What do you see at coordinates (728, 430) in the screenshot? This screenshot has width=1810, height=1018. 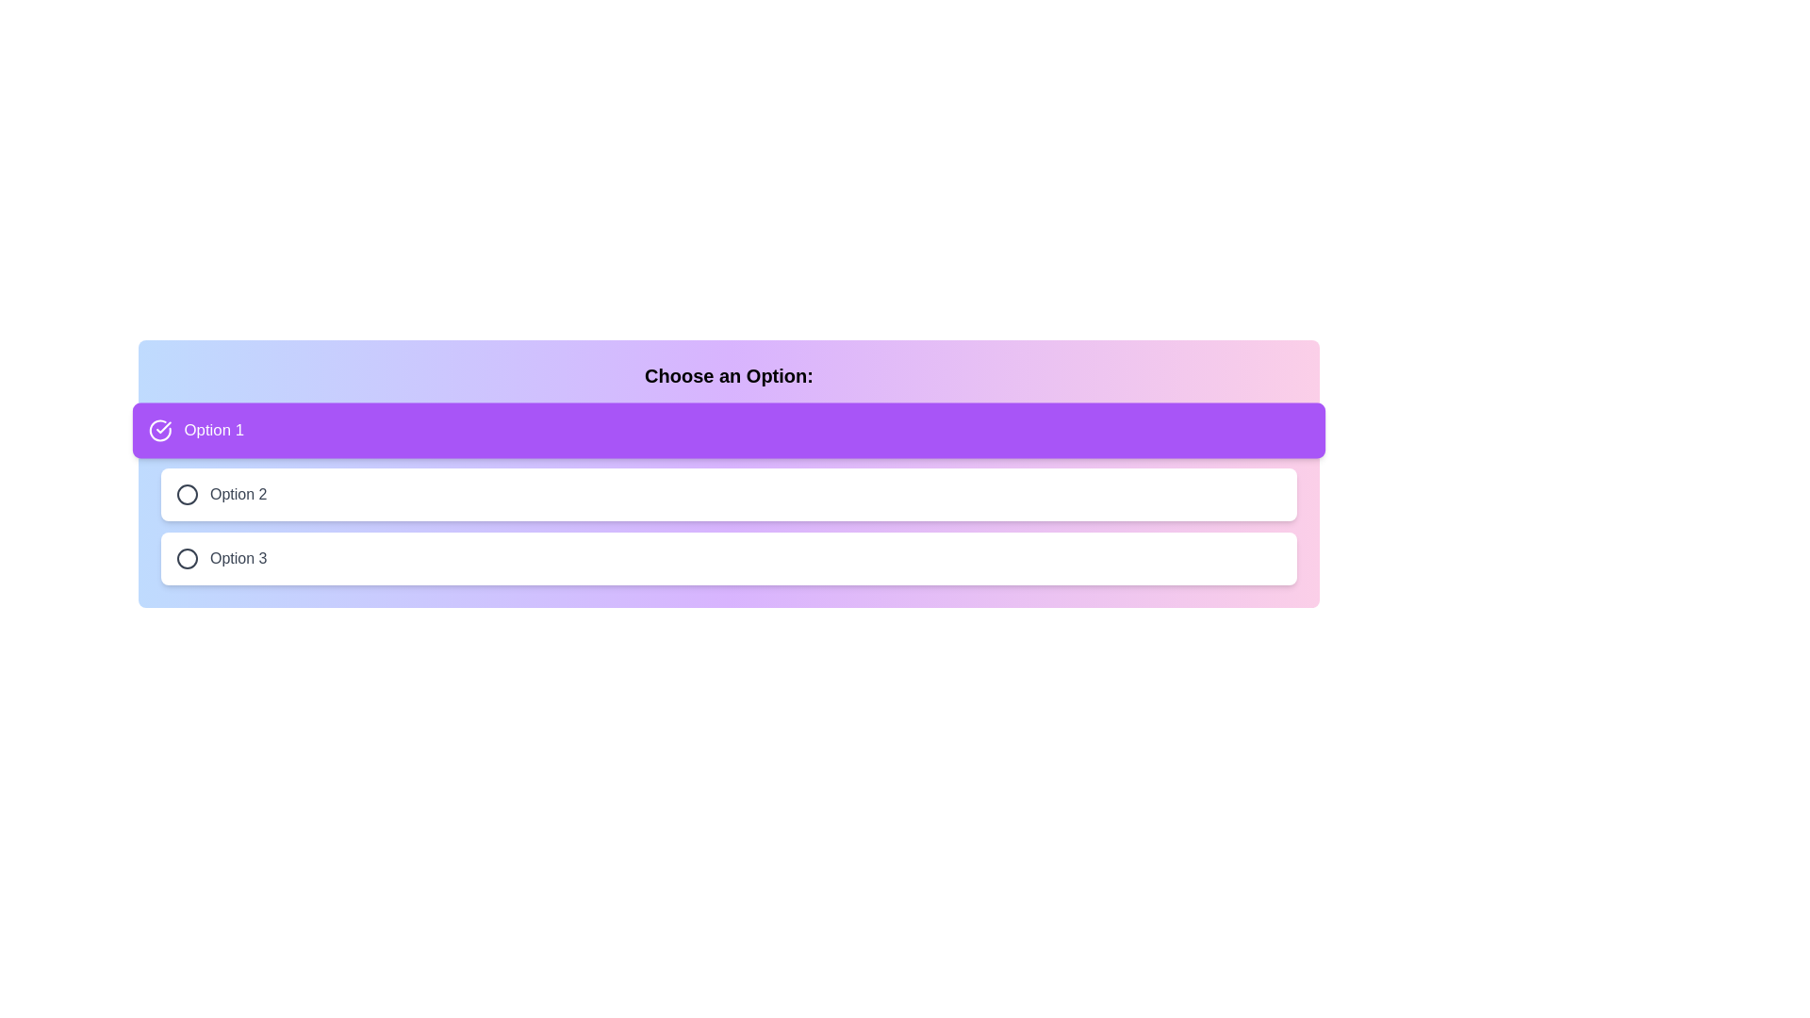 I see `the first selectable option in a vertical stack of options` at bounding box center [728, 430].